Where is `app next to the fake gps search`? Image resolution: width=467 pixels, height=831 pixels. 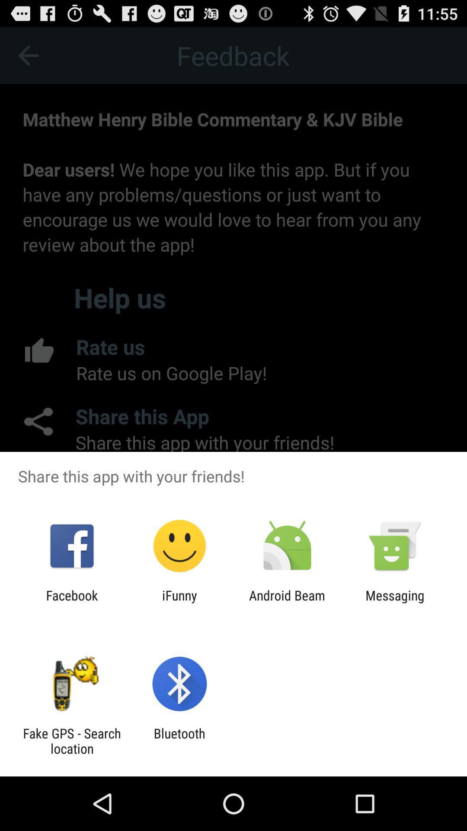
app next to the fake gps search is located at coordinates (179, 741).